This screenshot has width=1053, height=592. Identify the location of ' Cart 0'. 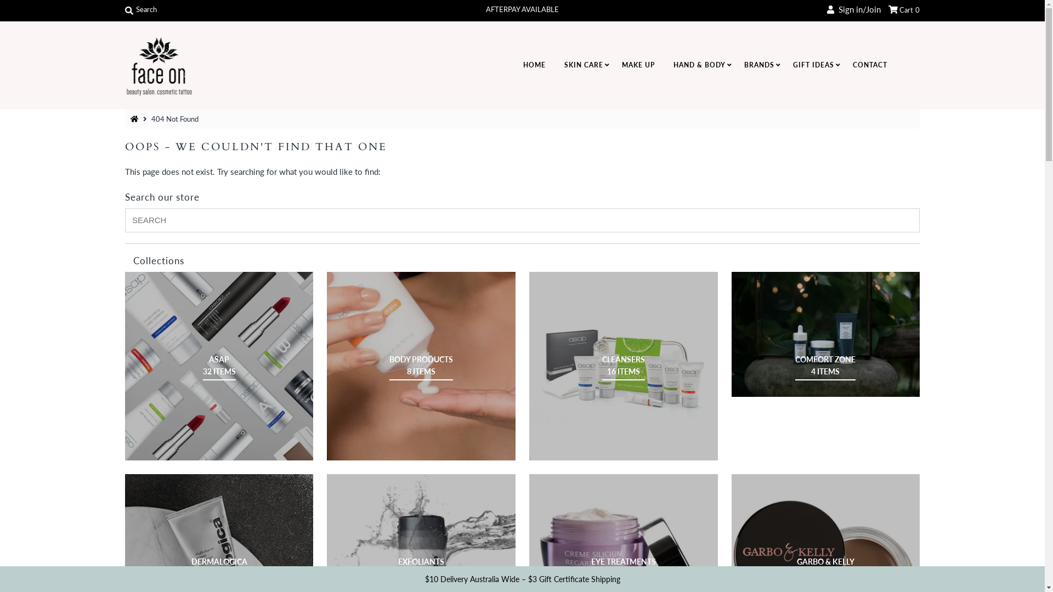
(904, 9).